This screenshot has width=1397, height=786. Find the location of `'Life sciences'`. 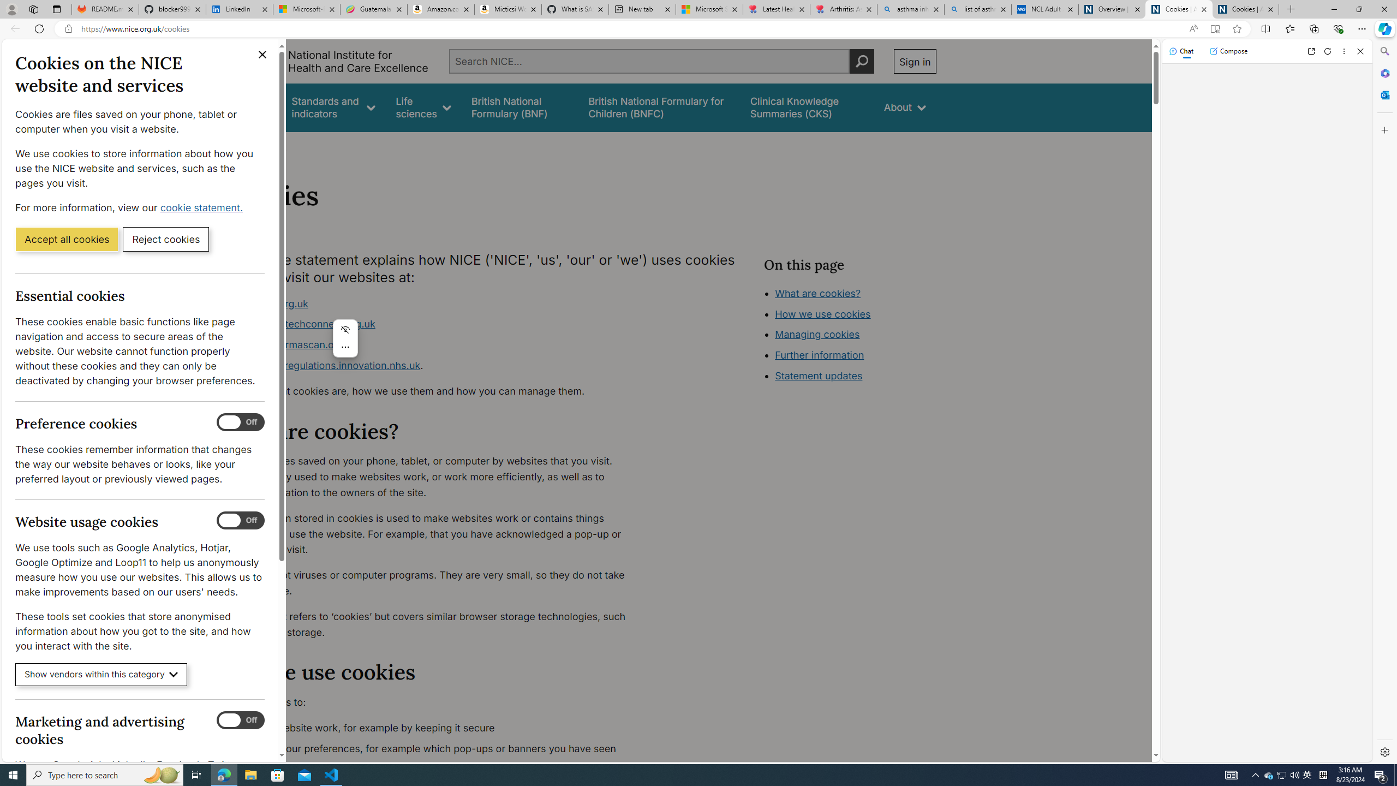

'Life sciences' is located at coordinates (422, 107).